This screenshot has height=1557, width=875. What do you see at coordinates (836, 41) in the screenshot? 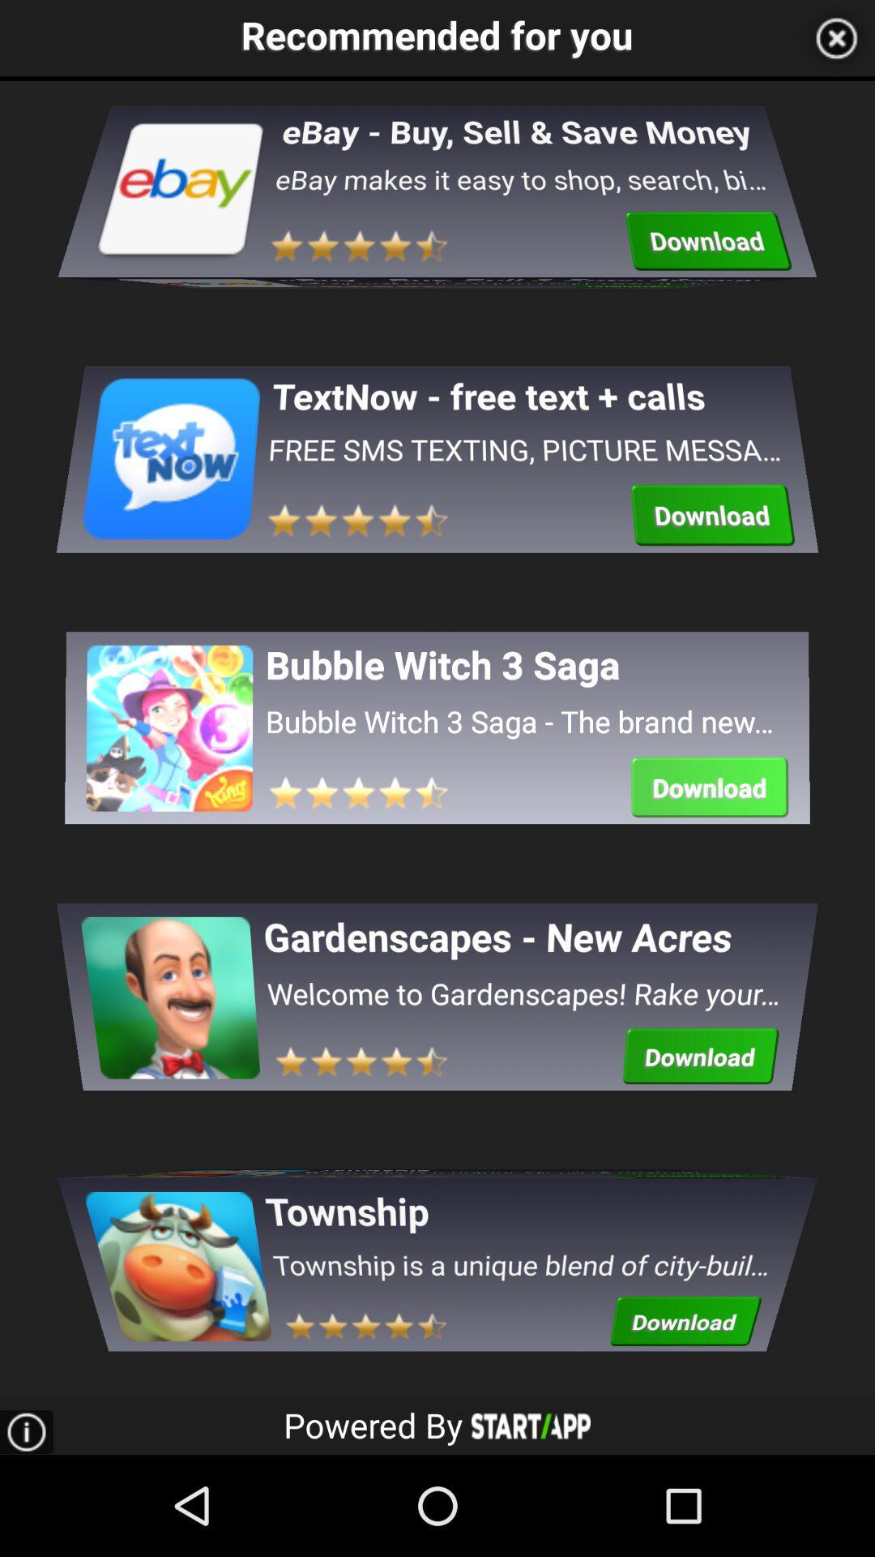
I see `the close icon` at bounding box center [836, 41].